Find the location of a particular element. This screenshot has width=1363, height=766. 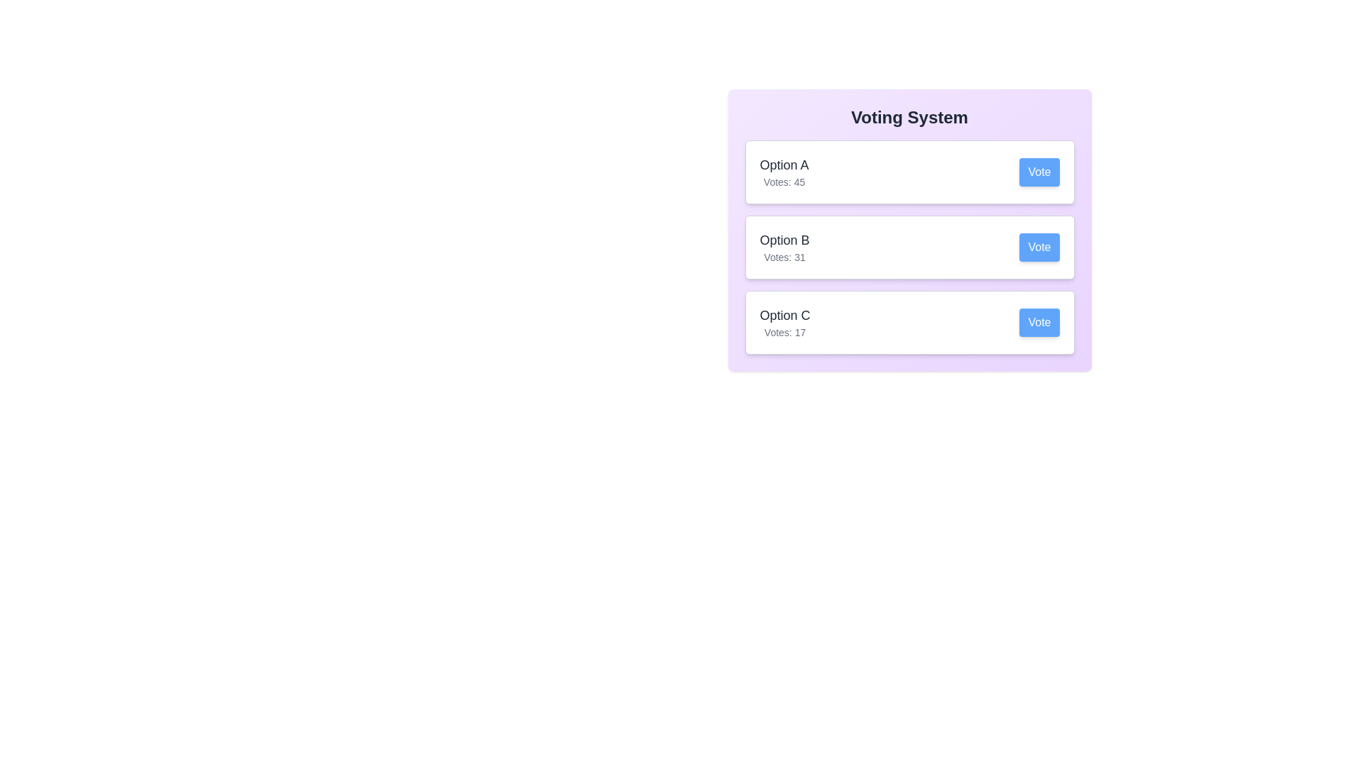

the voting button for option B is located at coordinates (1039, 246).